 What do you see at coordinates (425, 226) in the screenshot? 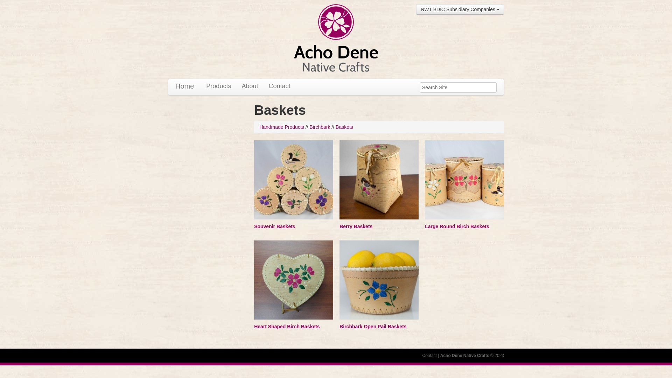
I see `'Large Round Birch Baskets'` at bounding box center [425, 226].